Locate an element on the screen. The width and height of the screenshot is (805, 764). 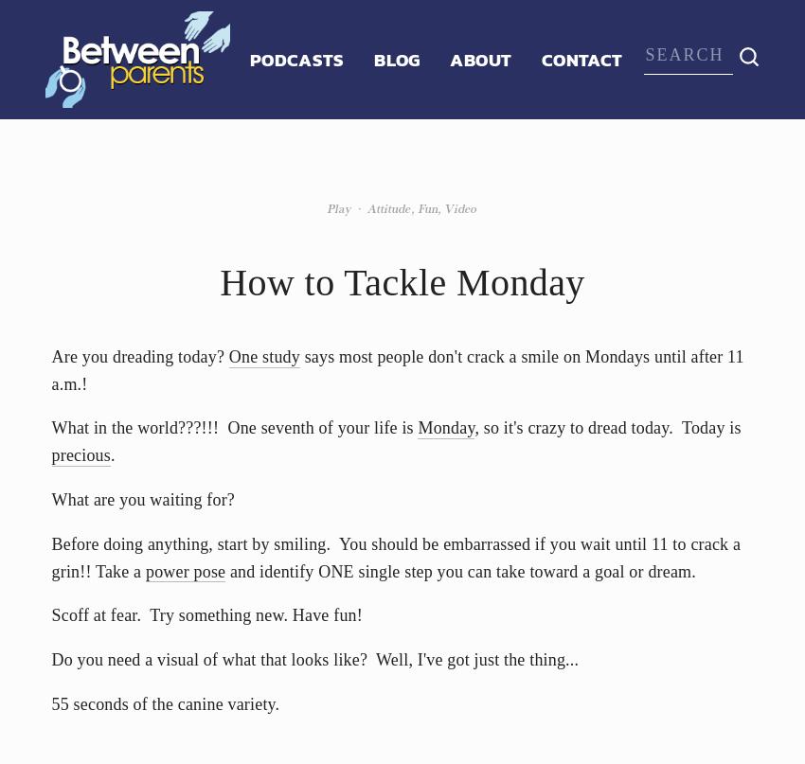
'What in the world???!!!  One seventh of your life is' is located at coordinates (50, 427).